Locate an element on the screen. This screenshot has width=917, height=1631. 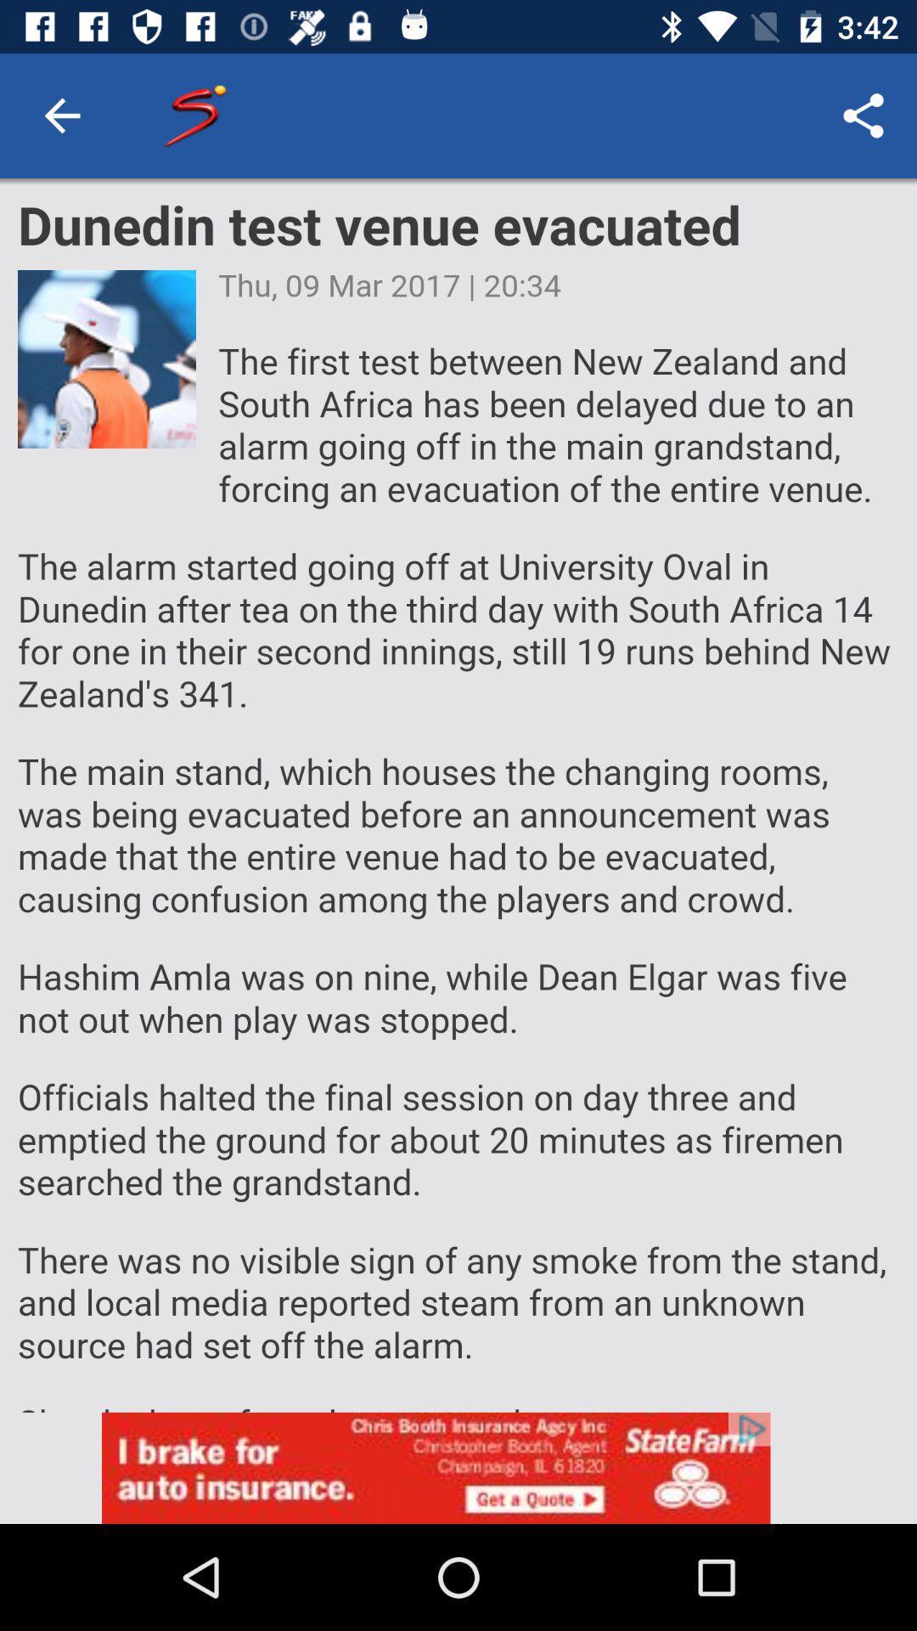
opens a advertisement is located at coordinates (458, 1467).